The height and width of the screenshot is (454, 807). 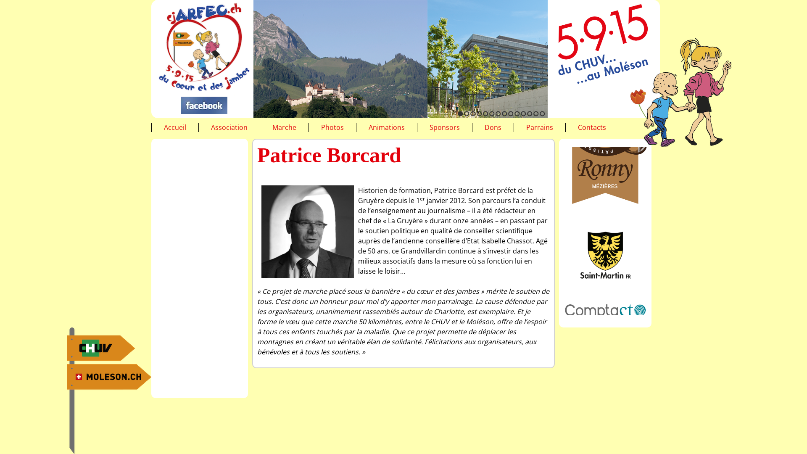 I want to click on 'Parrains', so click(x=526, y=127).